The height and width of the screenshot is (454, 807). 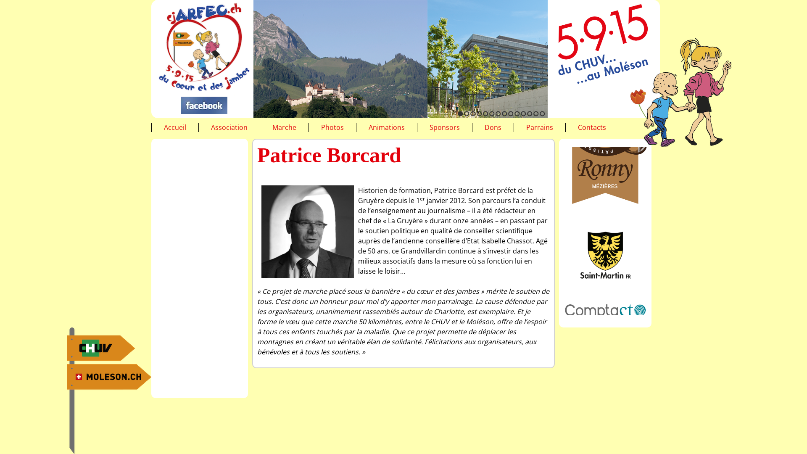 I want to click on 'Parrains', so click(x=526, y=127).